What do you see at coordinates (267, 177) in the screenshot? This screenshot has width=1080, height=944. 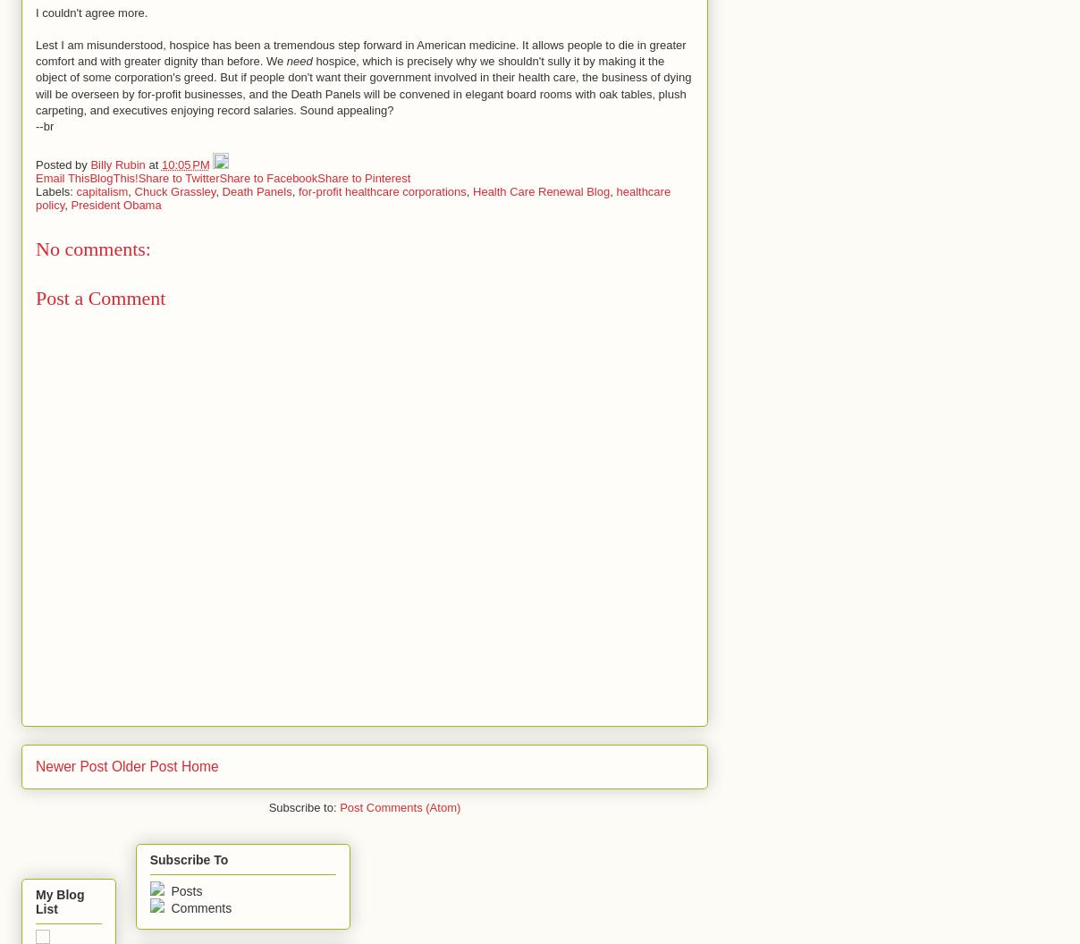 I see `'Share to Facebook'` at bounding box center [267, 177].